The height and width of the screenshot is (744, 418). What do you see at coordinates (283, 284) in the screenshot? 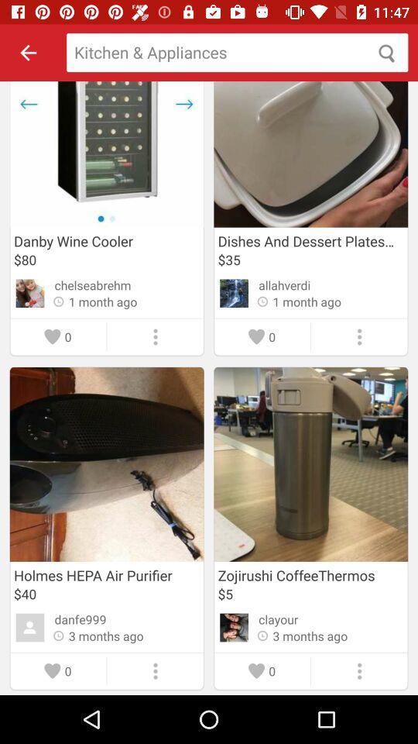
I see `item below the $35 item` at bounding box center [283, 284].